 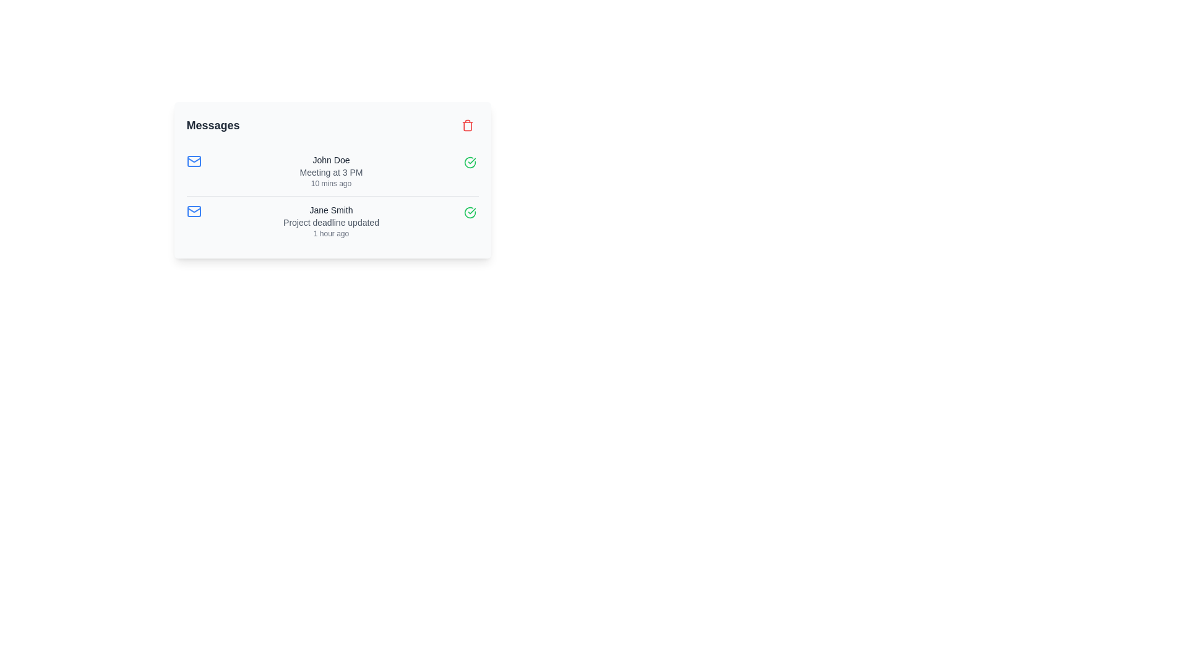 What do you see at coordinates (469, 212) in the screenshot?
I see `the interactive circular icon with a green border and internal checkmark located to the right of 'Jane Smith' and 'Project deadline updated'` at bounding box center [469, 212].